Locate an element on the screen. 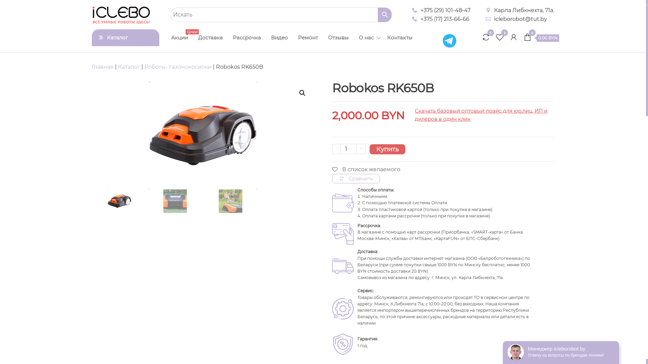  '-' is located at coordinates (336, 149).